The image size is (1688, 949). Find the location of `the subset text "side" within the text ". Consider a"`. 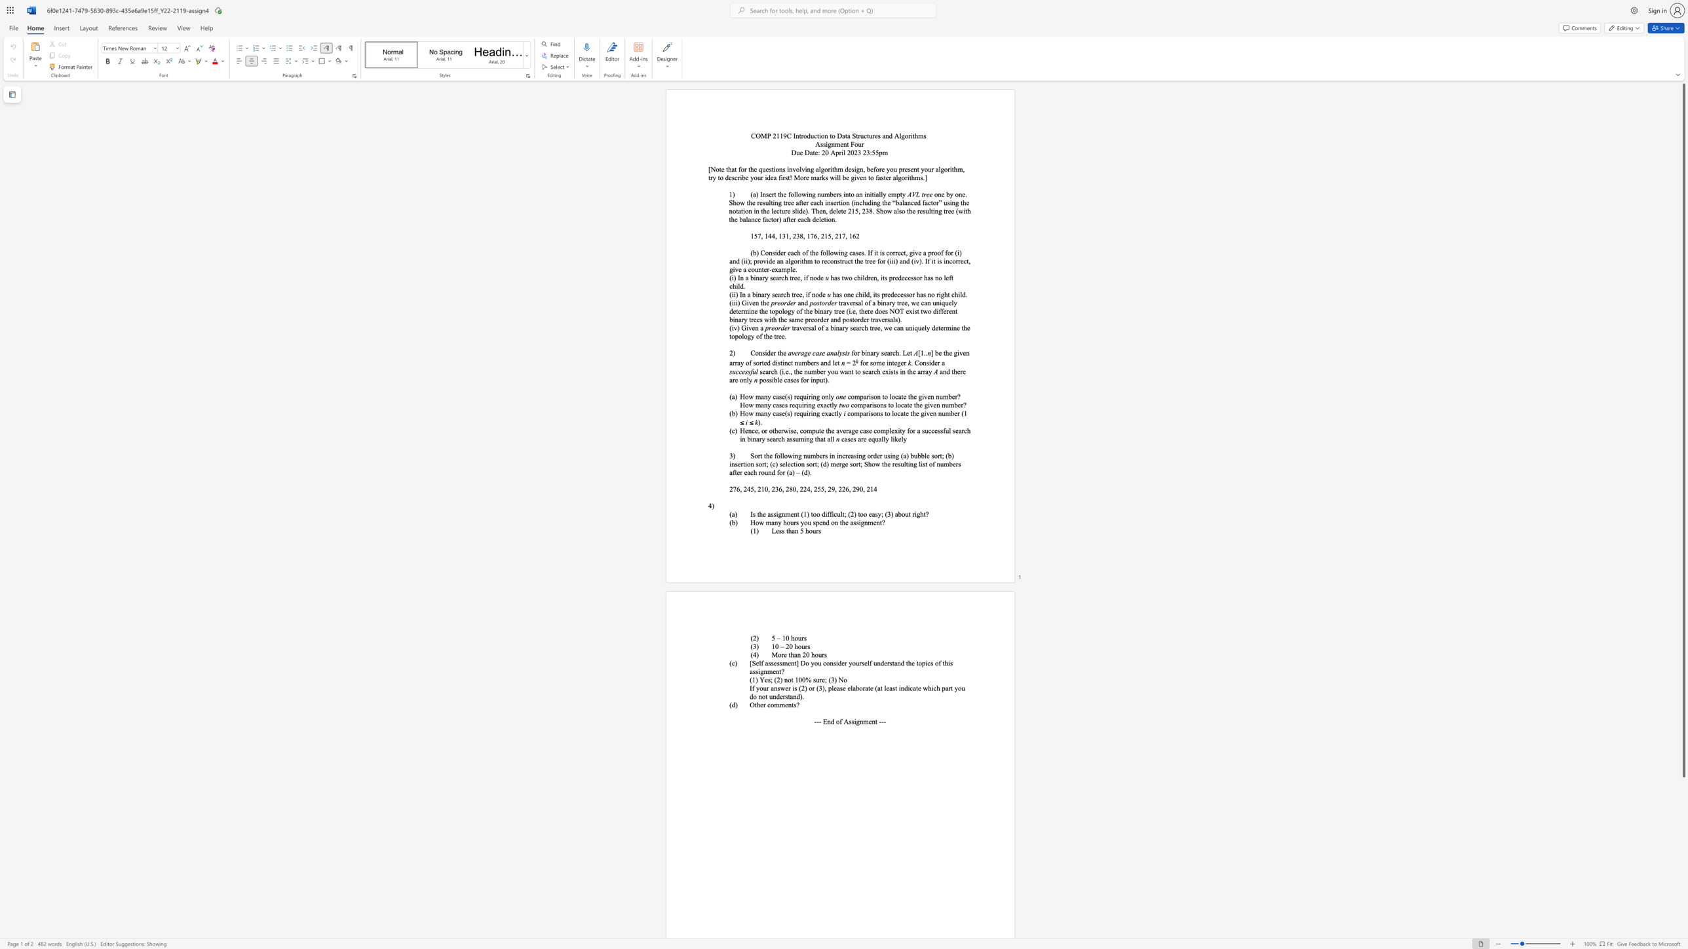

the subset text "side" within the text ". Consider a" is located at coordinates (926, 362).